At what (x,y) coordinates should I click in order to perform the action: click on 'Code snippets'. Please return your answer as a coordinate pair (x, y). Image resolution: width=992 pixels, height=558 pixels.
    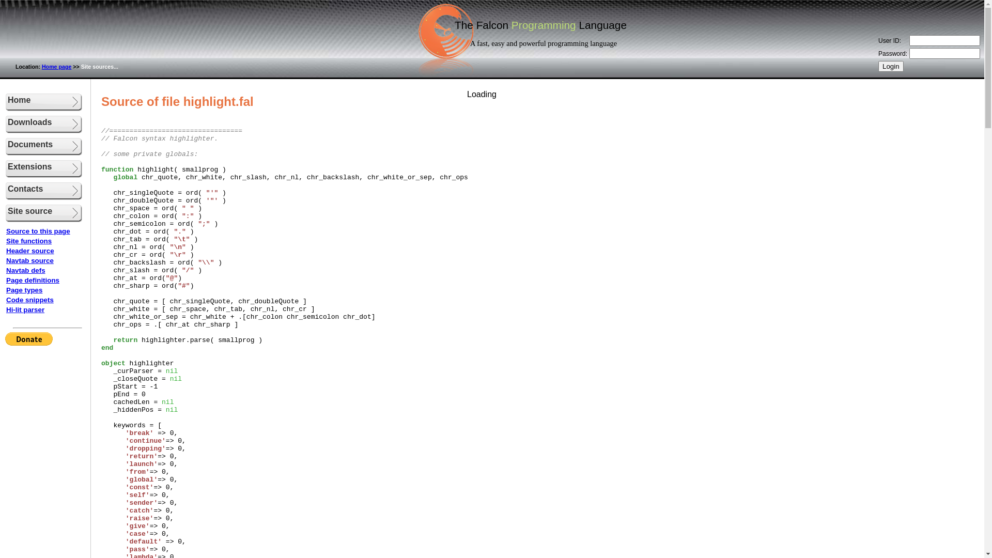
    Looking at the image, I should click on (29, 300).